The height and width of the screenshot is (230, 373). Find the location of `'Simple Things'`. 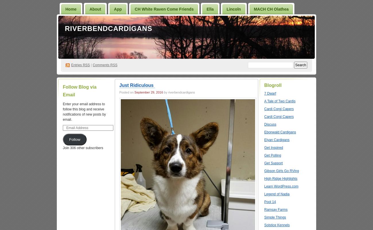

'Simple Things' is located at coordinates (275, 217).